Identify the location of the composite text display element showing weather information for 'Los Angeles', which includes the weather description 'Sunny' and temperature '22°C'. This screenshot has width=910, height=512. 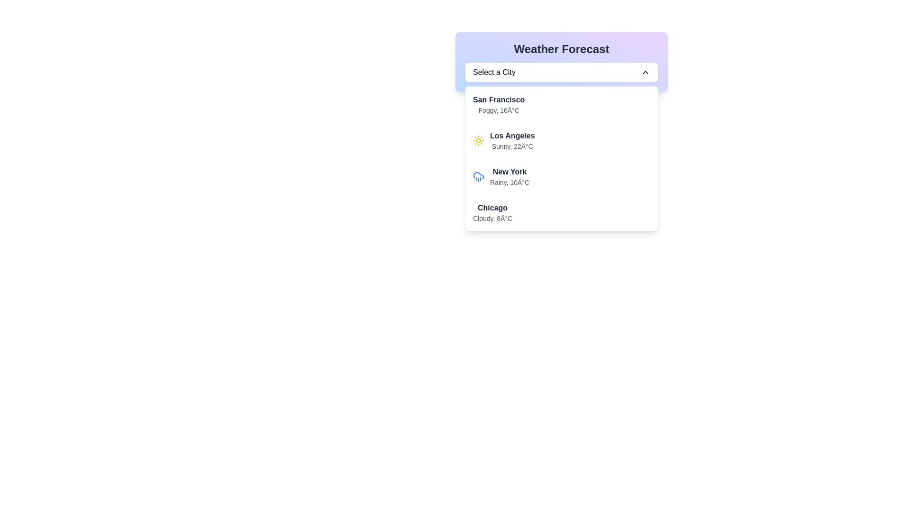
(511, 141).